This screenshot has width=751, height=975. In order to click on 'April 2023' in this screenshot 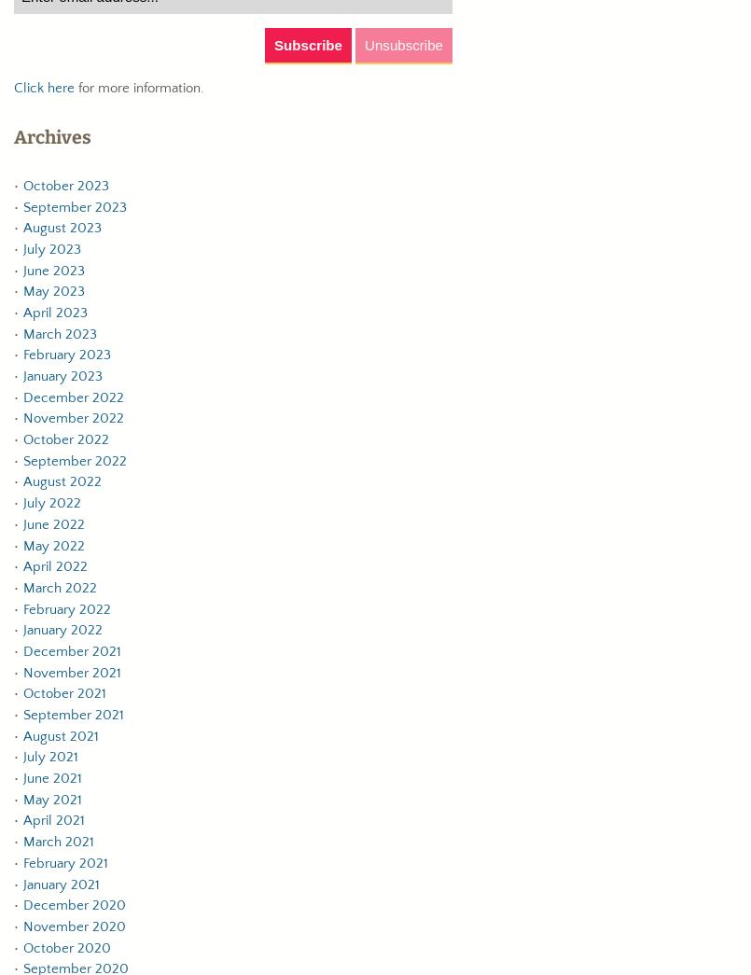, I will do `click(23, 312)`.